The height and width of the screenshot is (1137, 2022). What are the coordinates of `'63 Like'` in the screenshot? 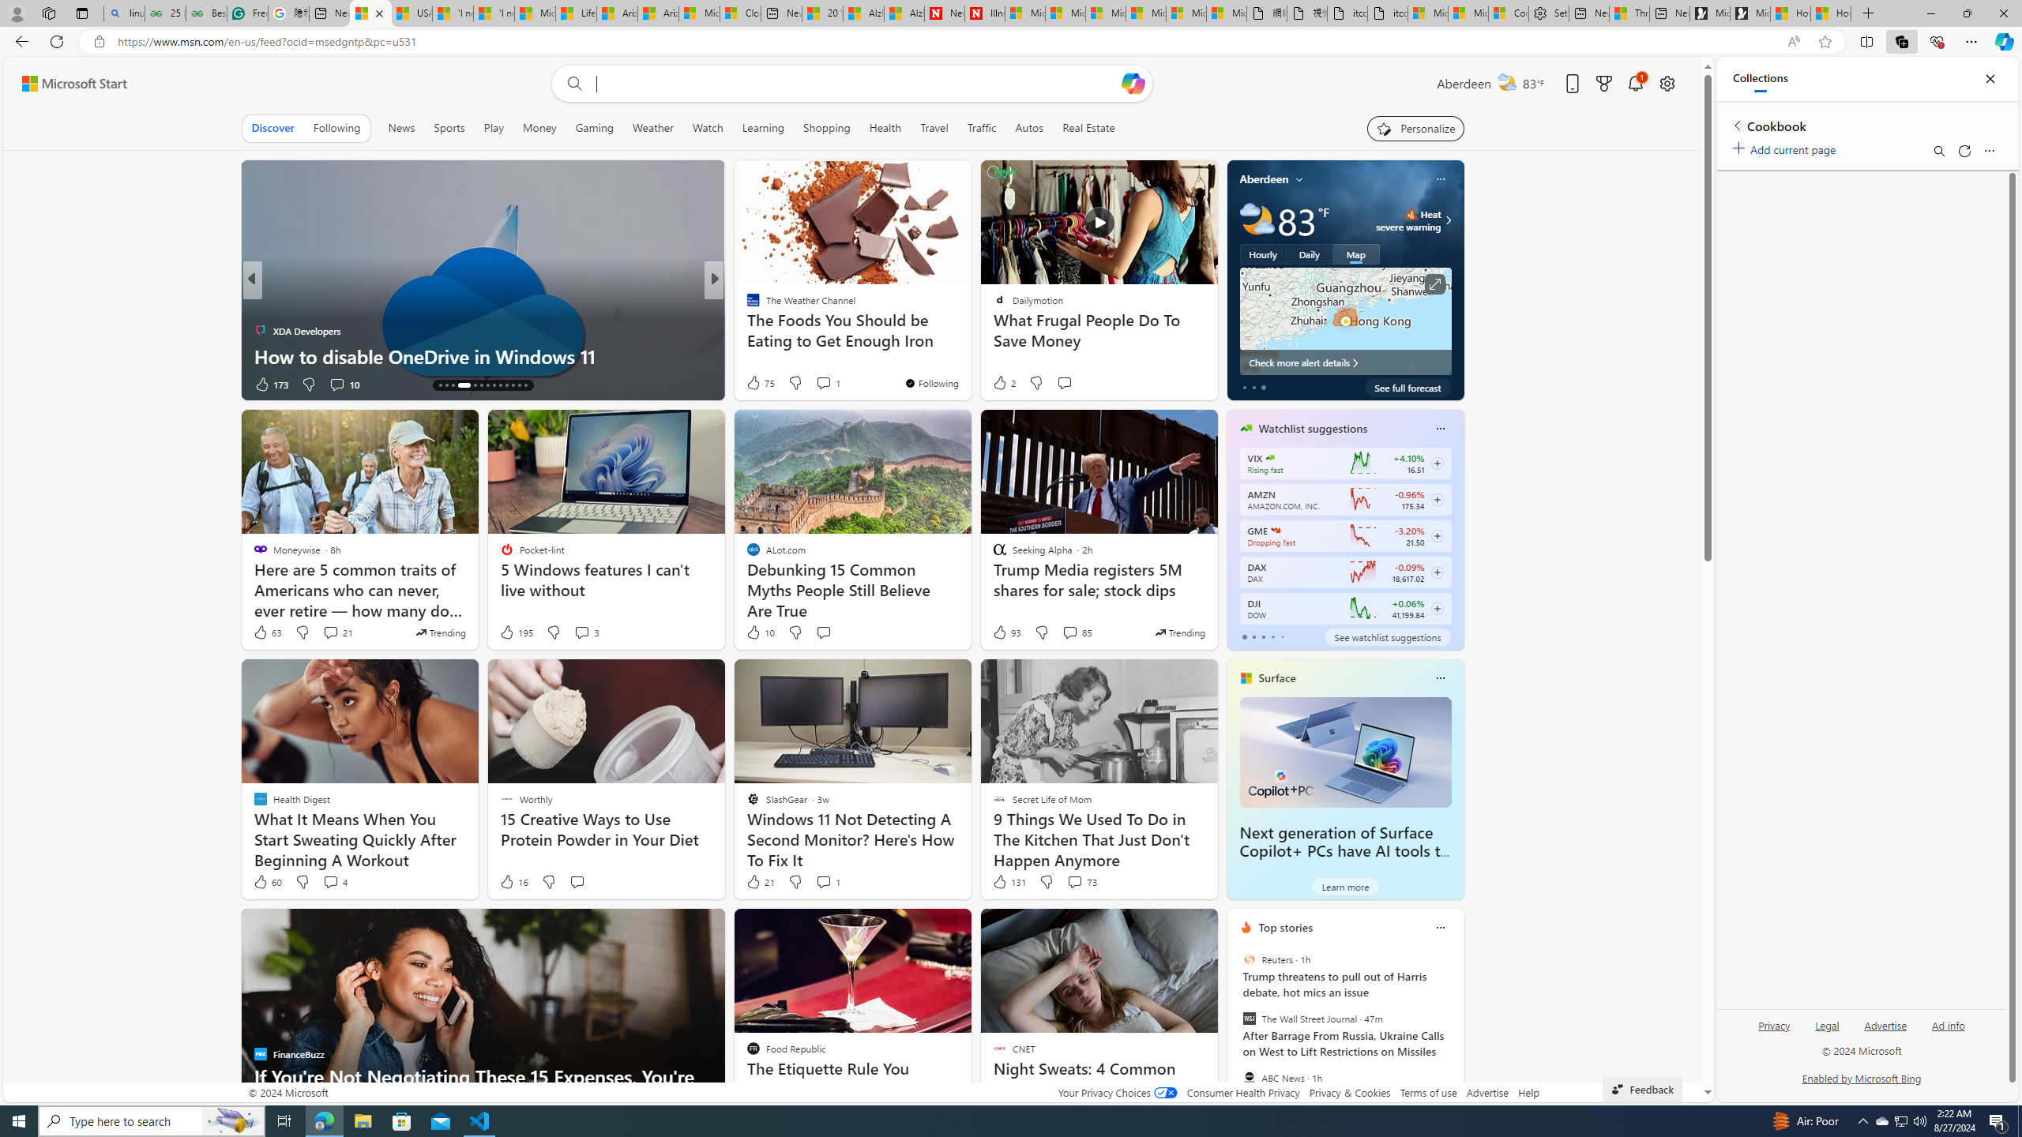 It's located at (266, 632).